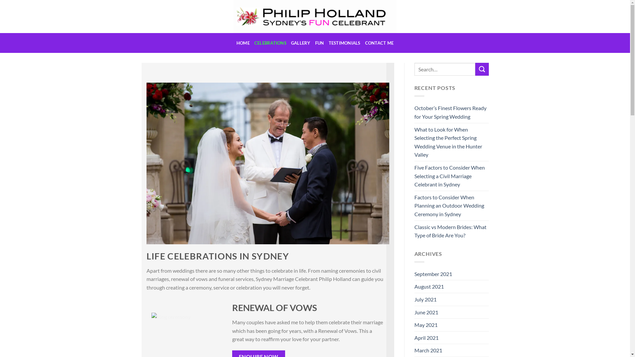 Image resolution: width=635 pixels, height=357 pixels. What do you see at coordinates (379, 43) in the screenshot?
I see `'CONTACT ME'` at bounding box center [379, 43].